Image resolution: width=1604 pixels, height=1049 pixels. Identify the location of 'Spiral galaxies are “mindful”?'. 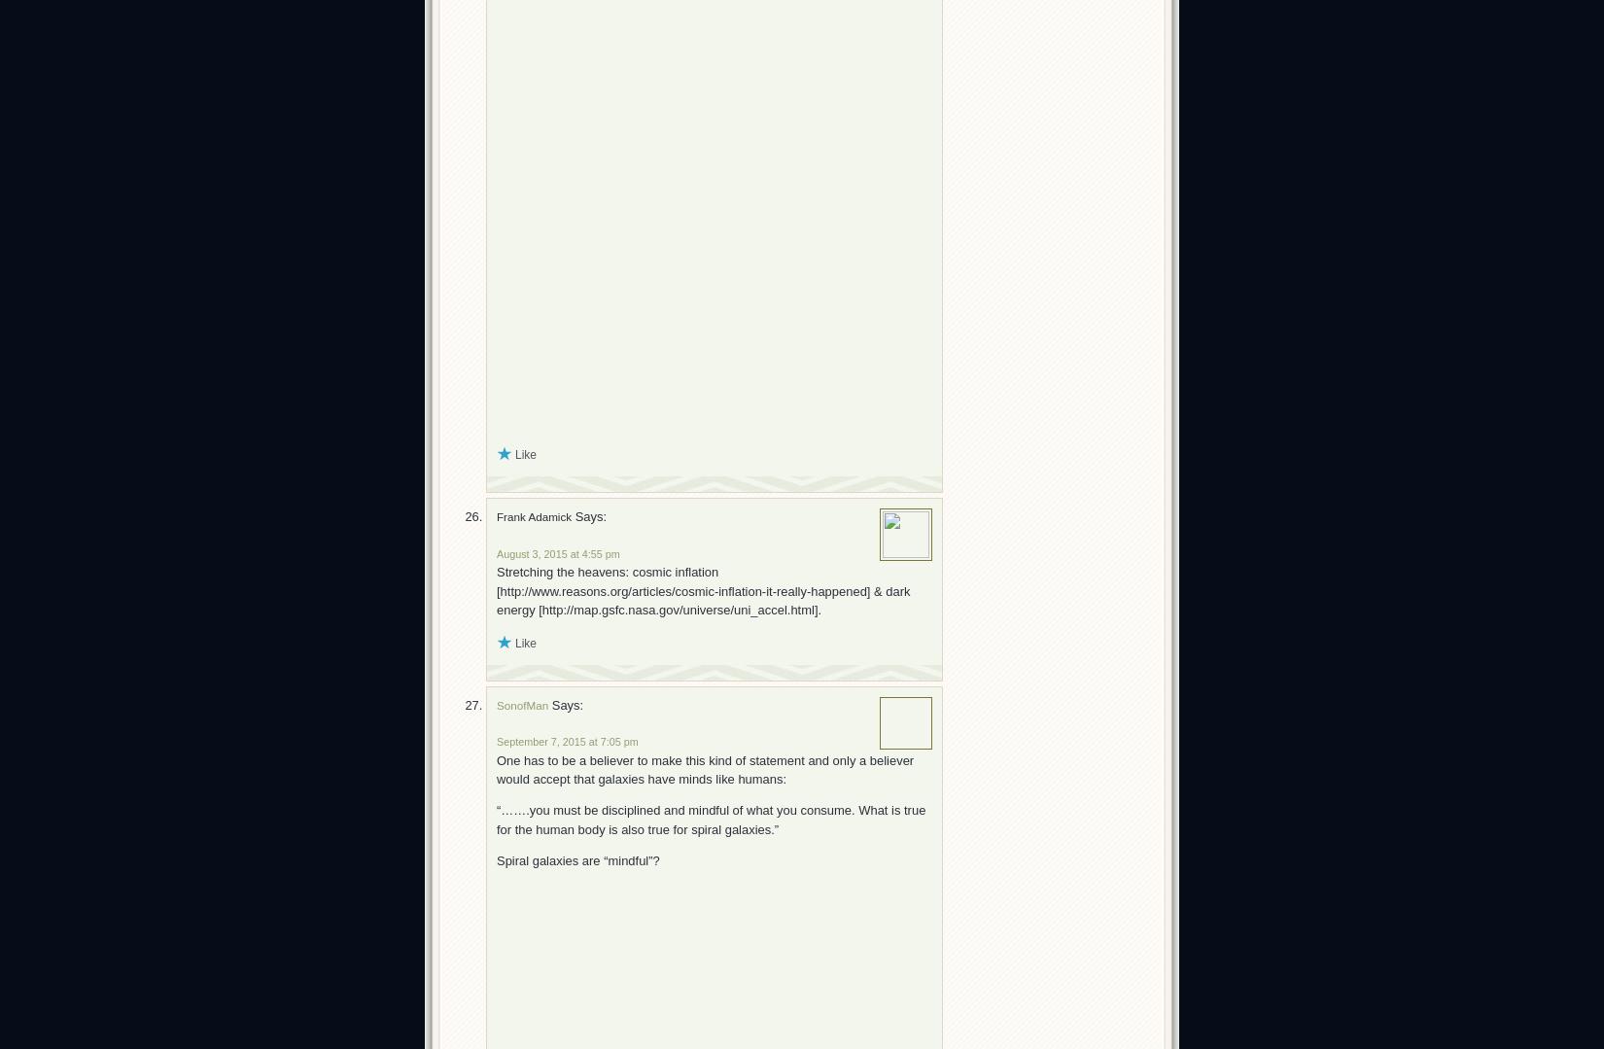
(576, 859).